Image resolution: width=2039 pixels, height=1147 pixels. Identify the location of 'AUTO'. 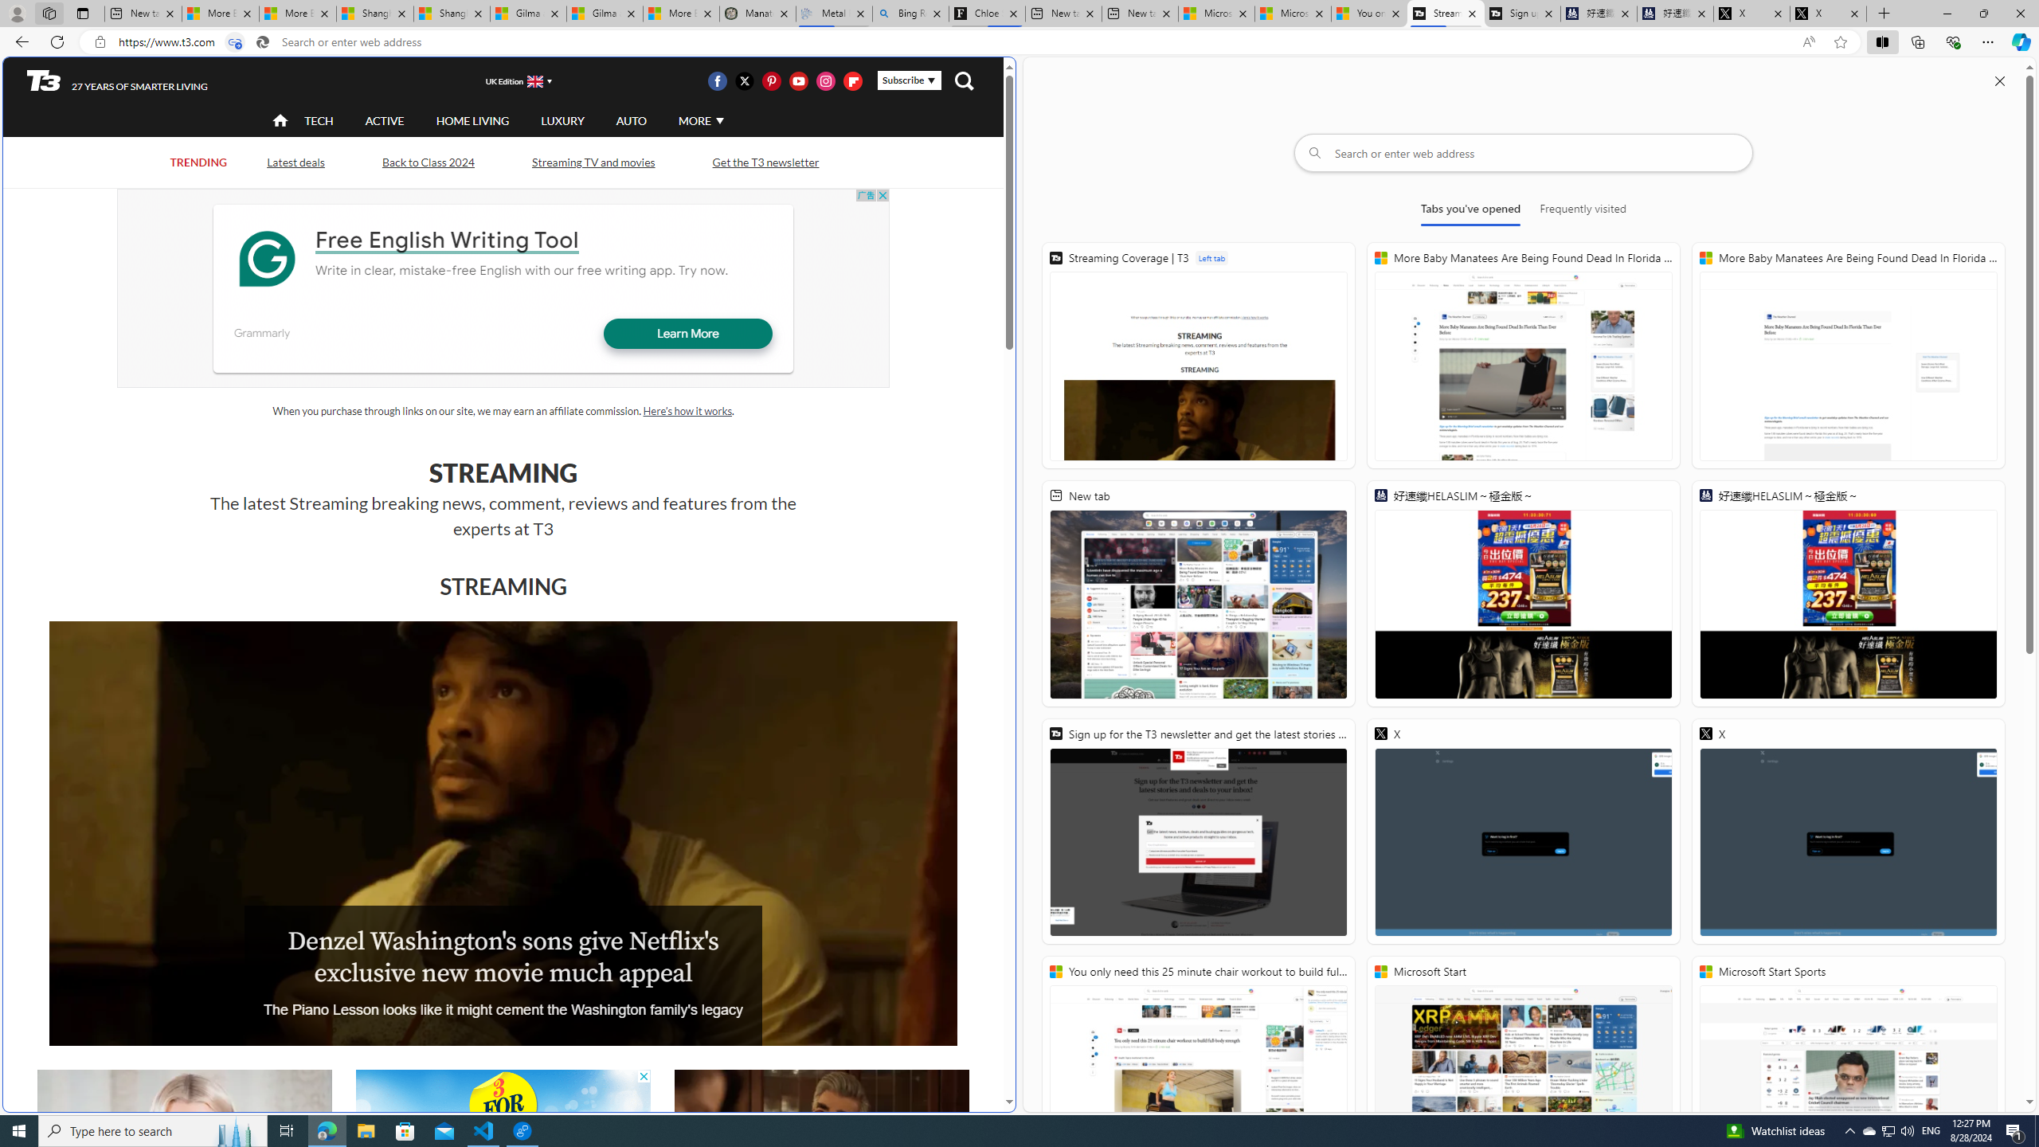
(630, 119).